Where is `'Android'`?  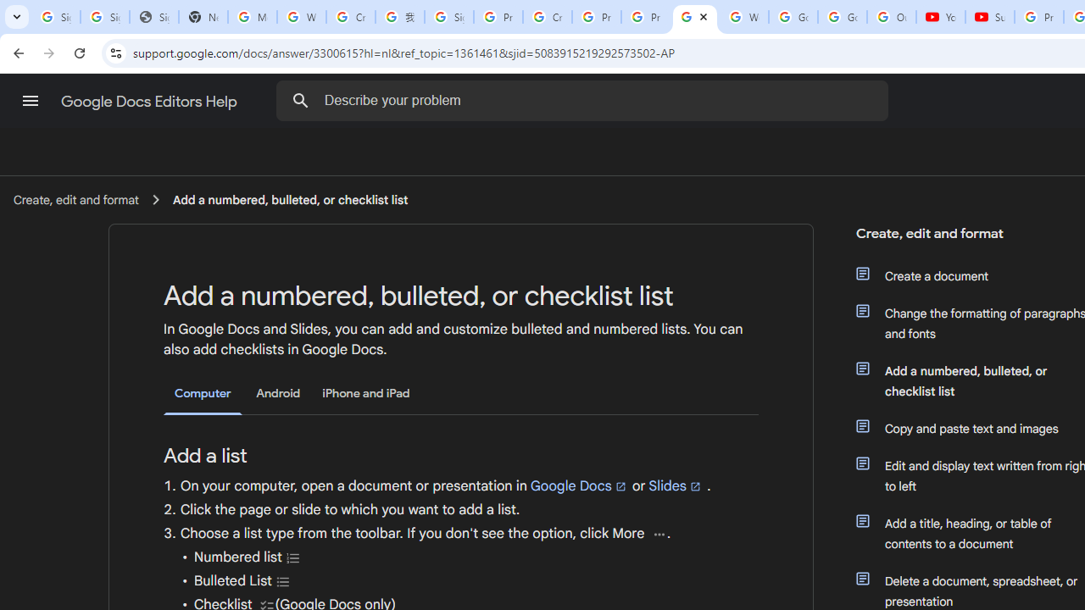
'Android' is located at coordinates (278, 393).